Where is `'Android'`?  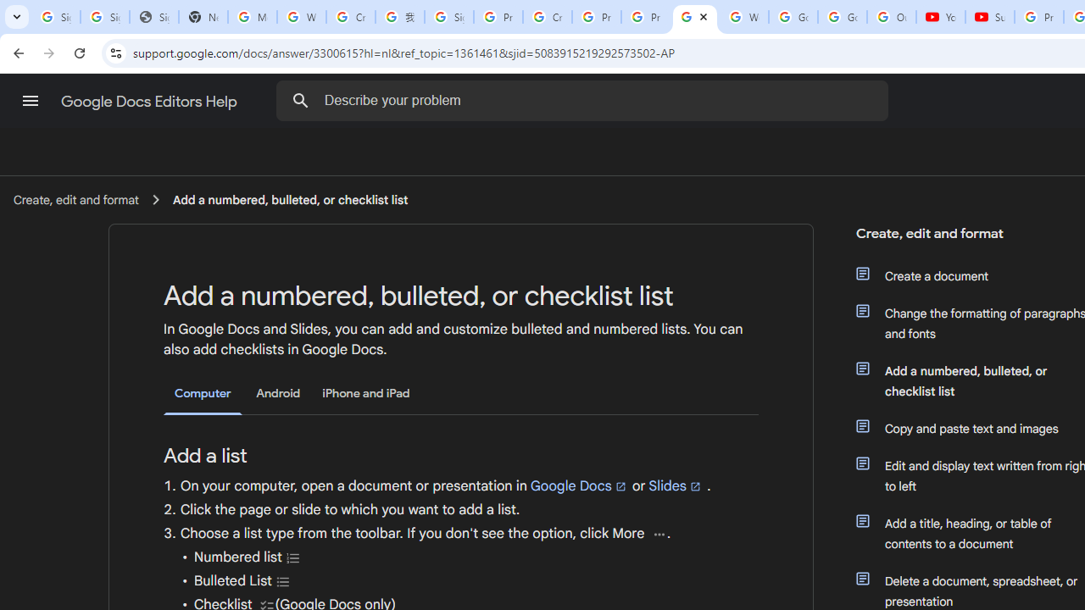
'Android' is located at coordinates (278, 393).